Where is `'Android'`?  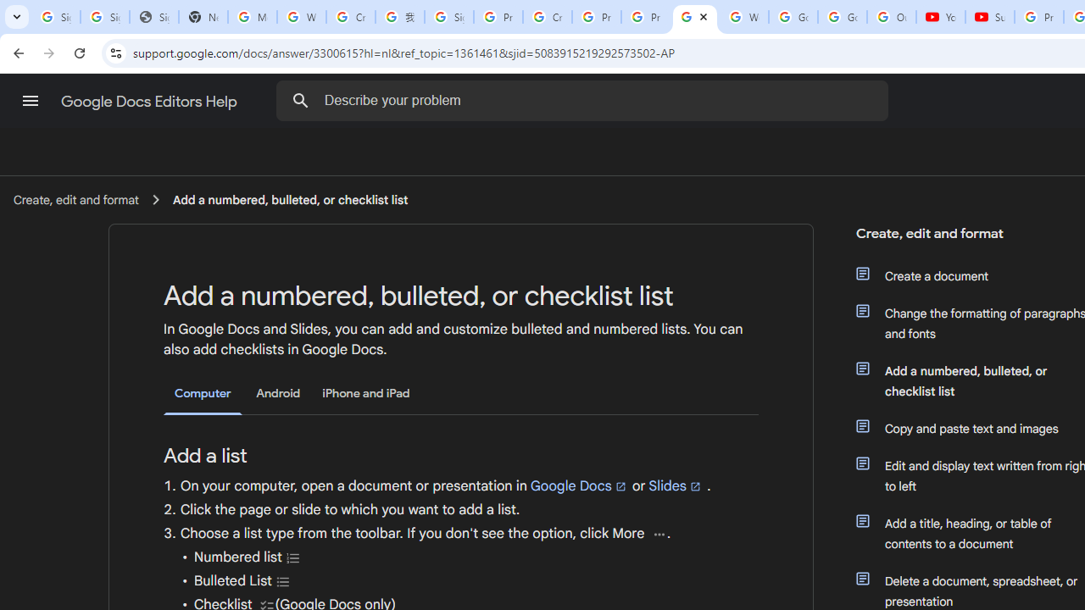
'Android' is located at coordinates (278, 393).